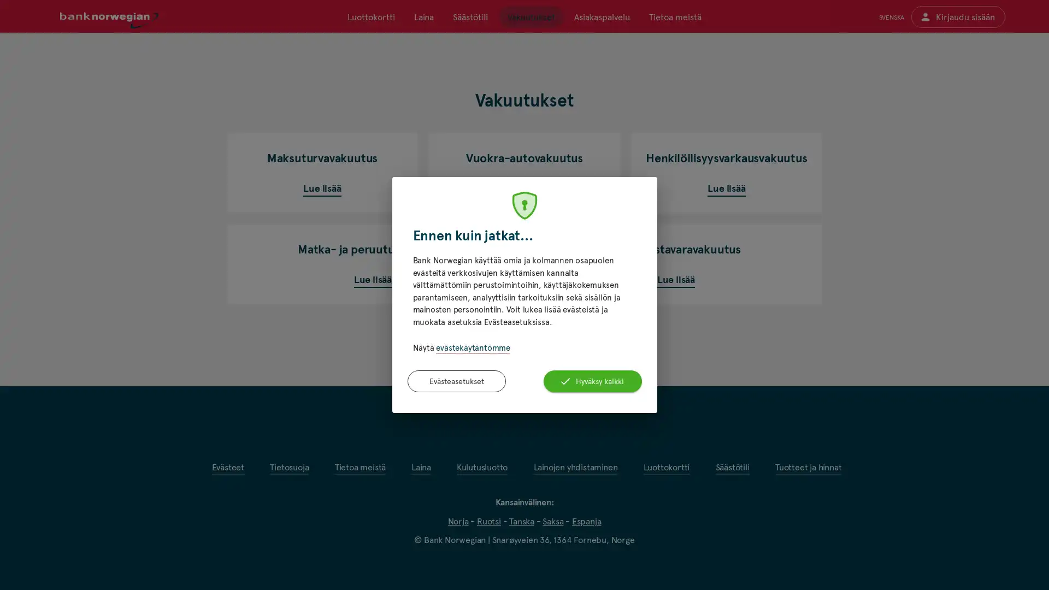 This screenshot has width=1049, height=590. Describe the element at coordinates (531, 16) in the screenshot. I see `Vakuutukset` at that location.